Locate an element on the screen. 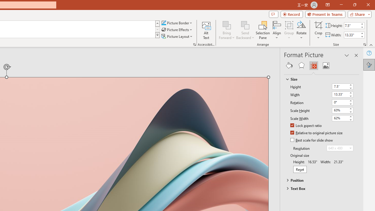 The width and height of the screenshot is (375, 211). 'Group' is located at coordinates (289, 30).